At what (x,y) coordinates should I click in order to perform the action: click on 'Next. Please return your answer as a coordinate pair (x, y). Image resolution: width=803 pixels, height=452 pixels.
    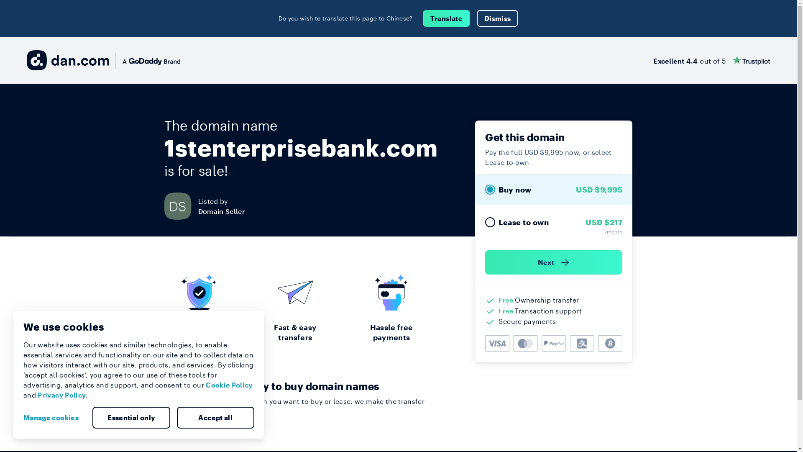
    Looking at the image, I should click on (554, 262).